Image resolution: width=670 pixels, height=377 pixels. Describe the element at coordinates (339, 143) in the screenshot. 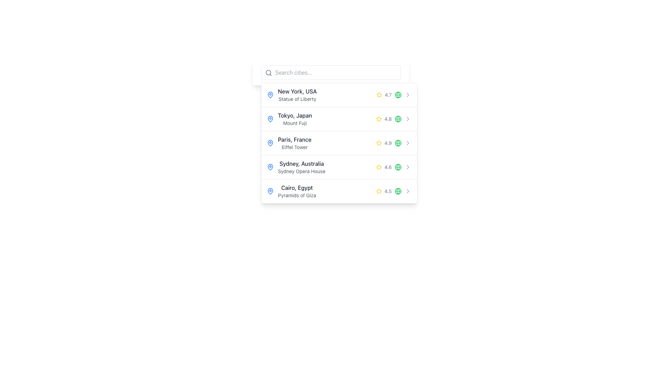

I see `the list item labeled 'Paris, France' with subtext 'Eiffel Tower' and a rating of 4.9` at that location.